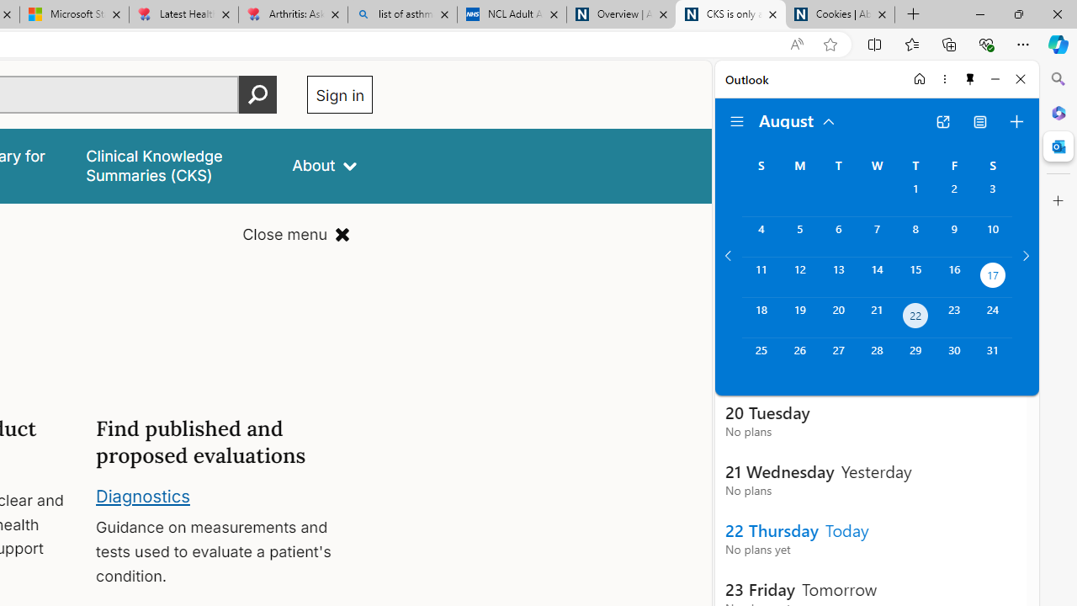 Image resolution: width=1077 pixels, height=606 pixels. I want to click on 'Tuesday, August 20, 2024. ', so click(838, 317).